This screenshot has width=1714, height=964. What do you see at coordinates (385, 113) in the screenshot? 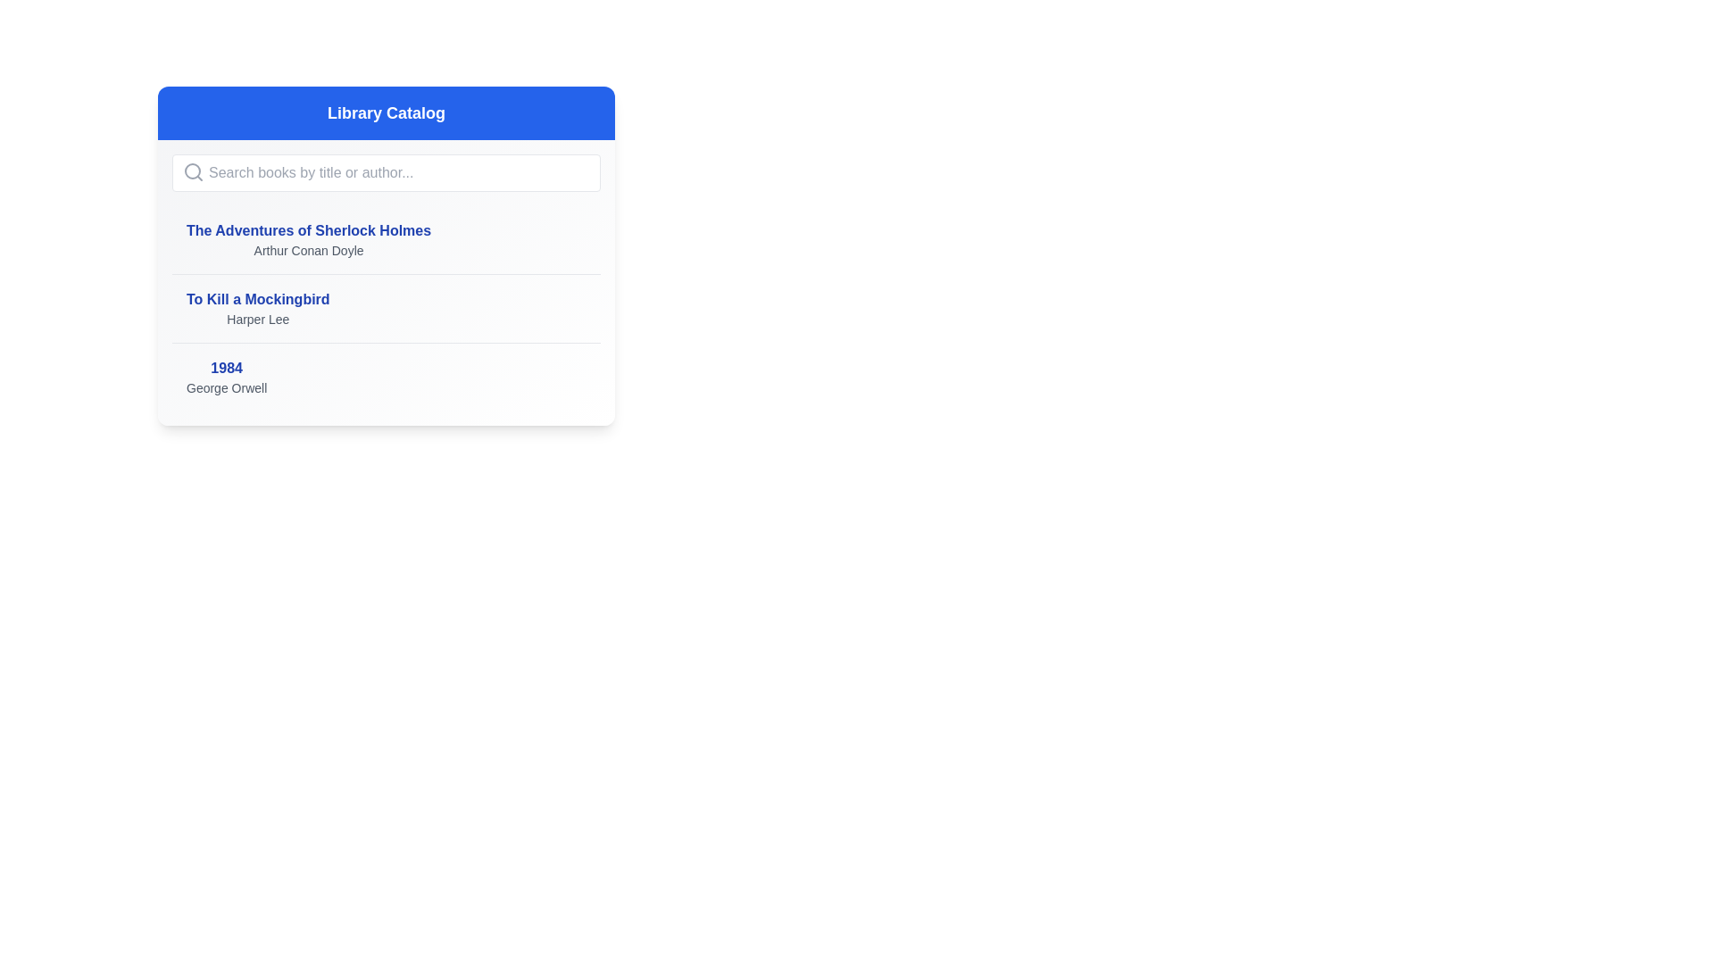
I see `the Text label that serves as the title for the interface section, centrally located at the top of the header area with a blue background and rounded corners` at bounding box center [385, 113].